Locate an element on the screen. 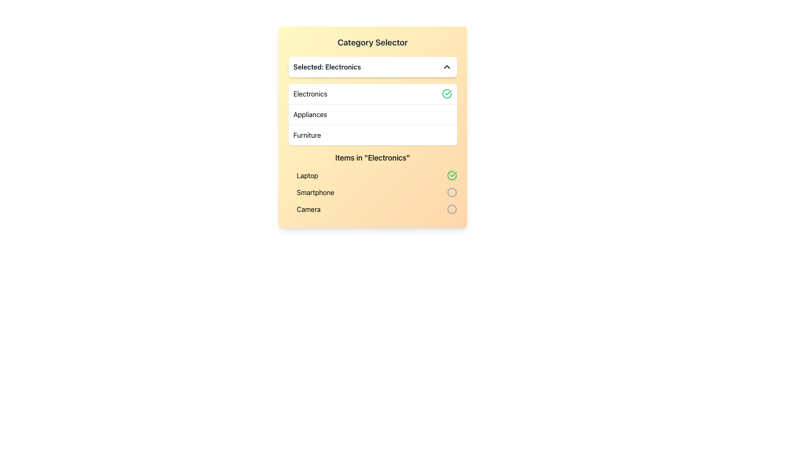 This screenshot has width=809, height=455. the green circle with a checkmark inside, which is part of the SVG drawing next to the 'Electronics' option in the 'Category Selector' section is located at coordinates (451, 175).